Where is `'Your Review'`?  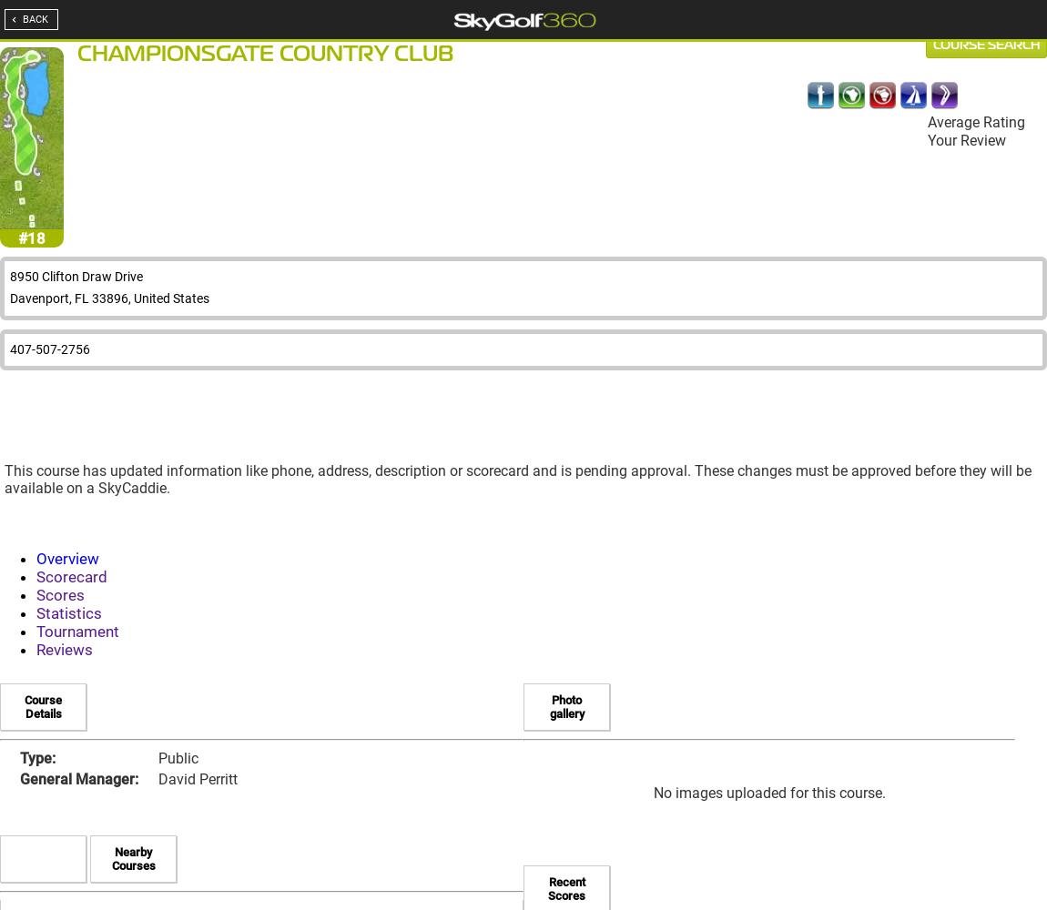
'Your Review' is located at coordinates (967, 140).